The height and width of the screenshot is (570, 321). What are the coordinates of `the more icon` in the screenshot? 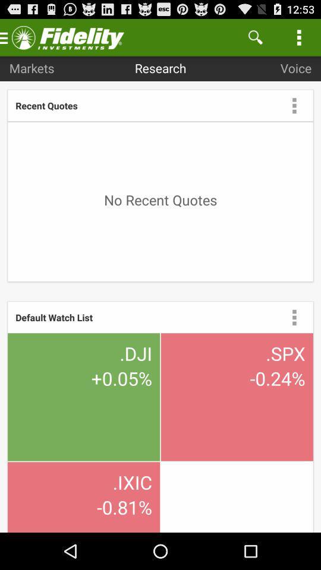 It's located at (294, 340).